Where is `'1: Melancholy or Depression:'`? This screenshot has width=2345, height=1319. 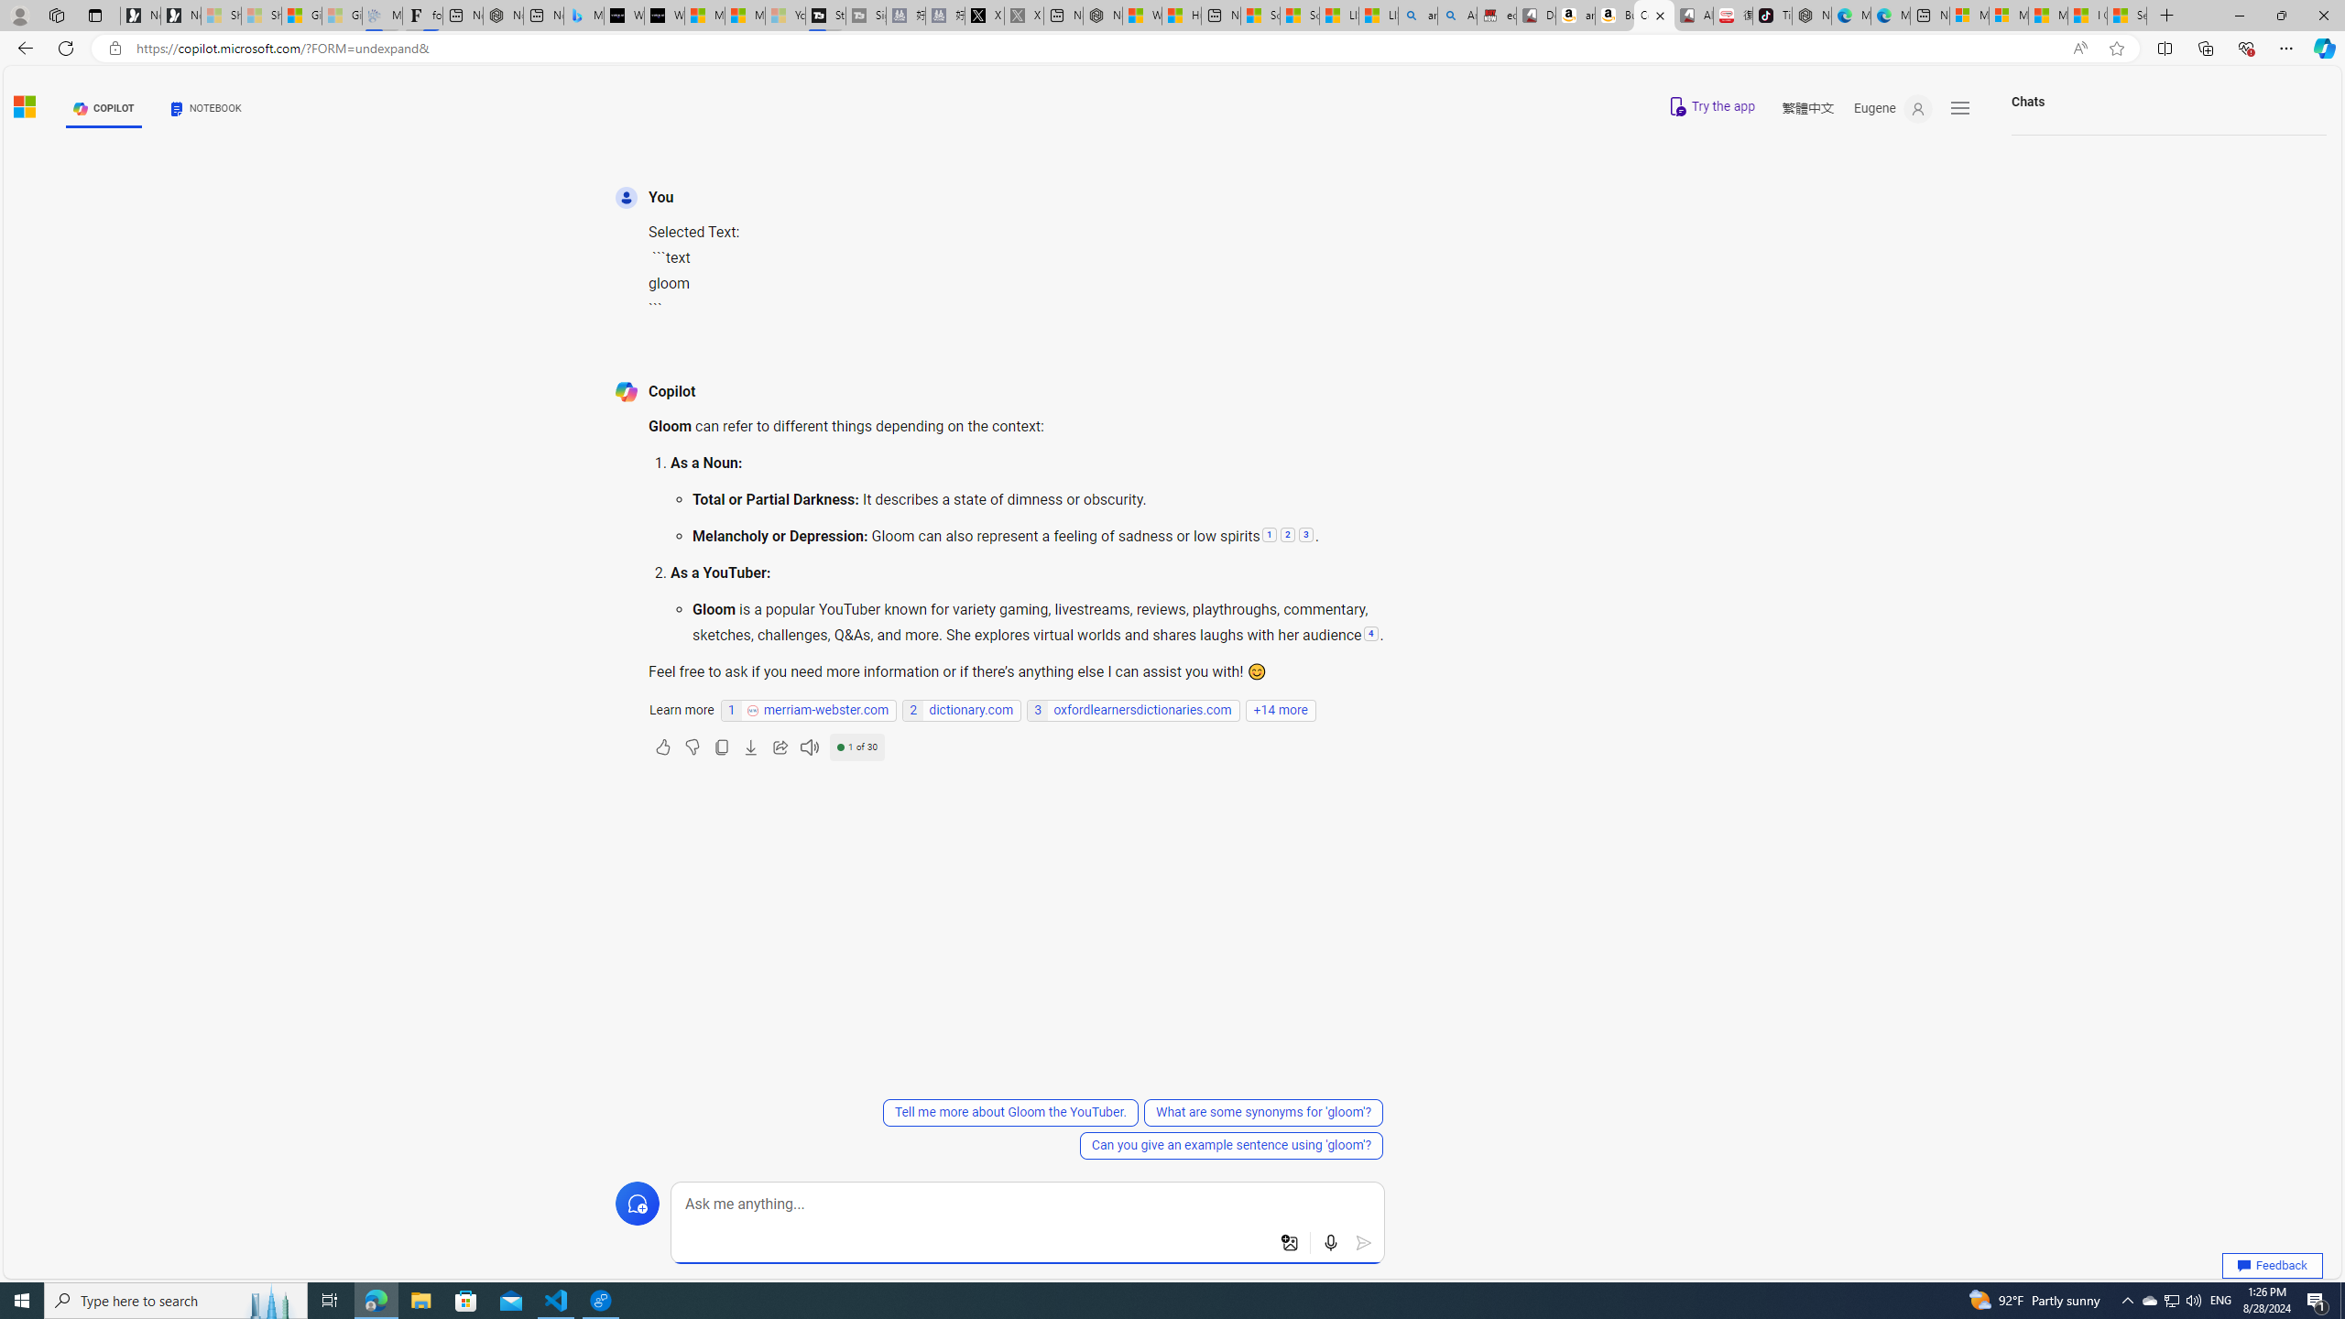
'1: Melancholy or Depression:' is located at coordinates (1267, 536).